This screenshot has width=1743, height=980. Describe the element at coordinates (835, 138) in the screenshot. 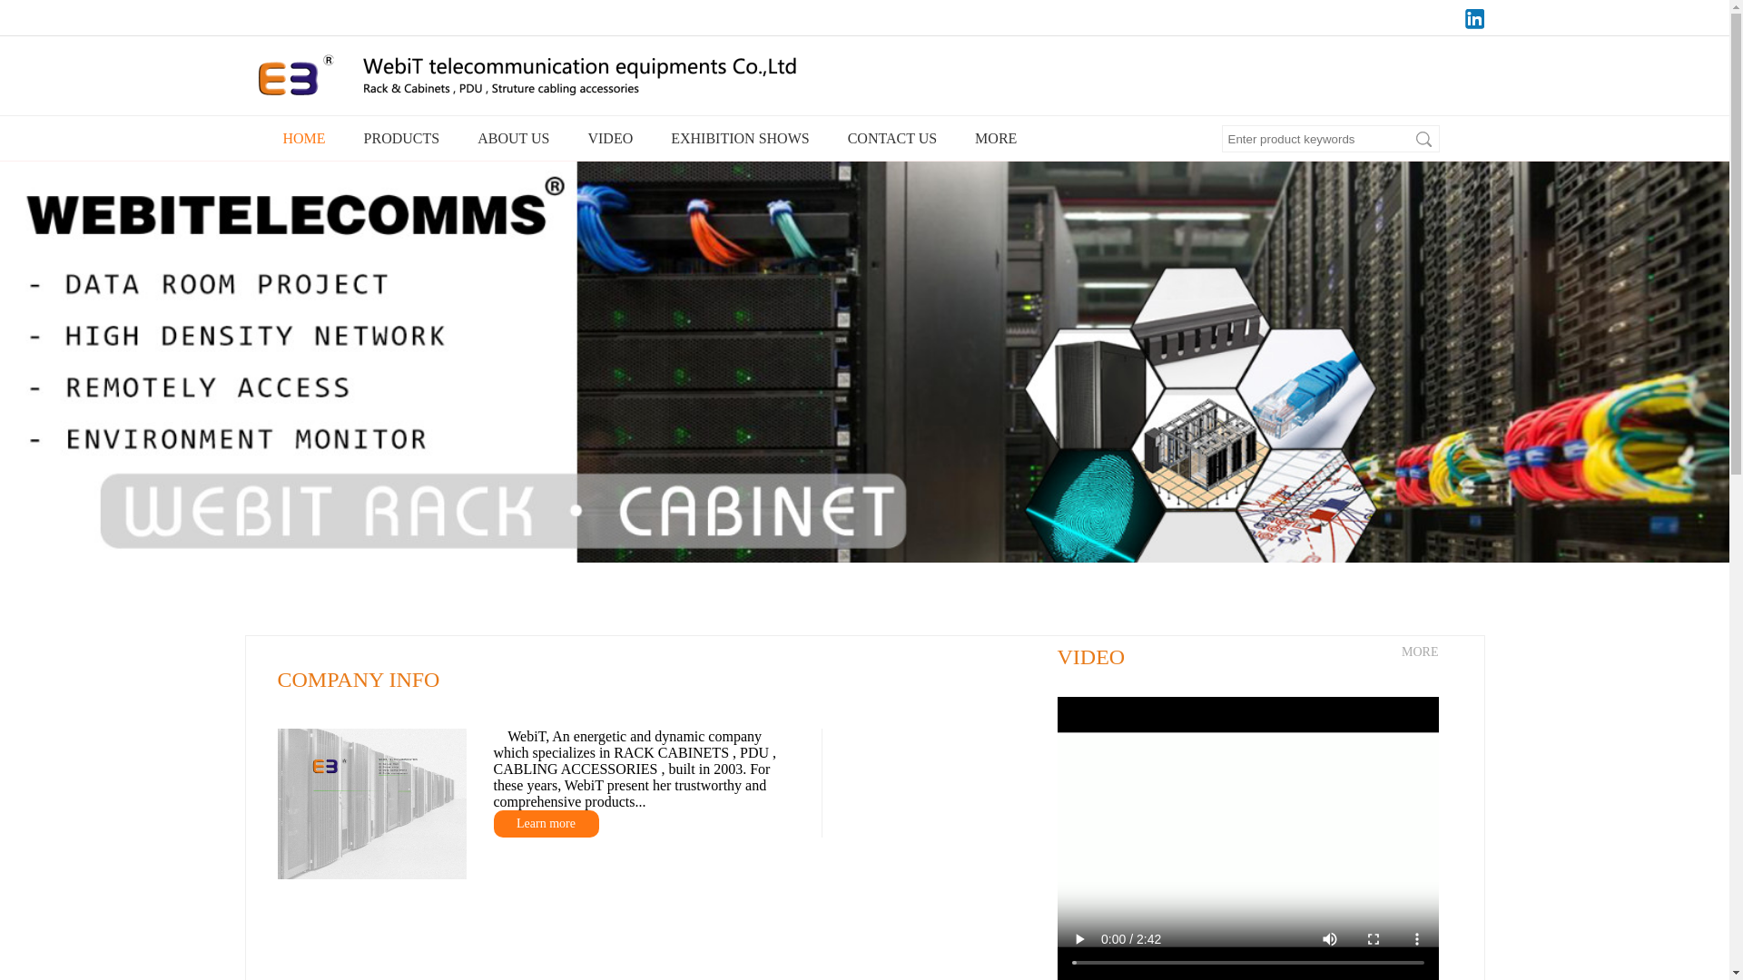

I see `'CONTACT US'` at that location.